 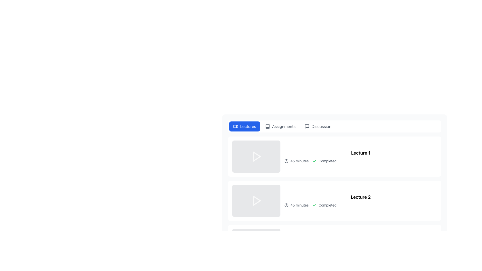 What do you see at coordinates (267, 126) in the screenshot?
I see `the book icon located in the navigation menu next to the 'Assignments' text` at bounding box center [267, 126].